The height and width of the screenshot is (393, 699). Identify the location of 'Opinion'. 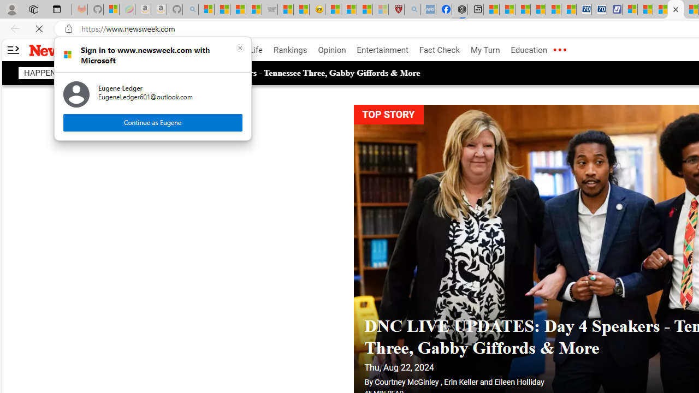
(331, 50).